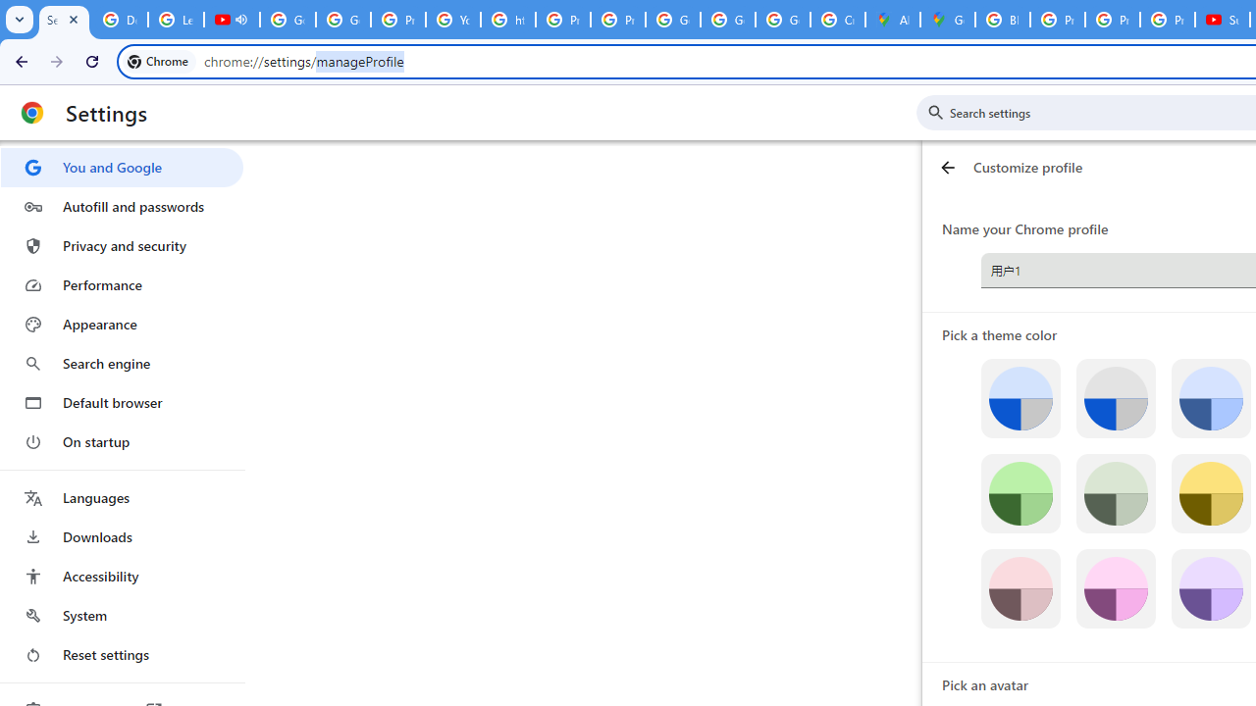 The width and height of the screenshot is (1256, 706). Describe the element at coordinates (452, 20) in the screenshot. I see `'YouTube'` at that location.